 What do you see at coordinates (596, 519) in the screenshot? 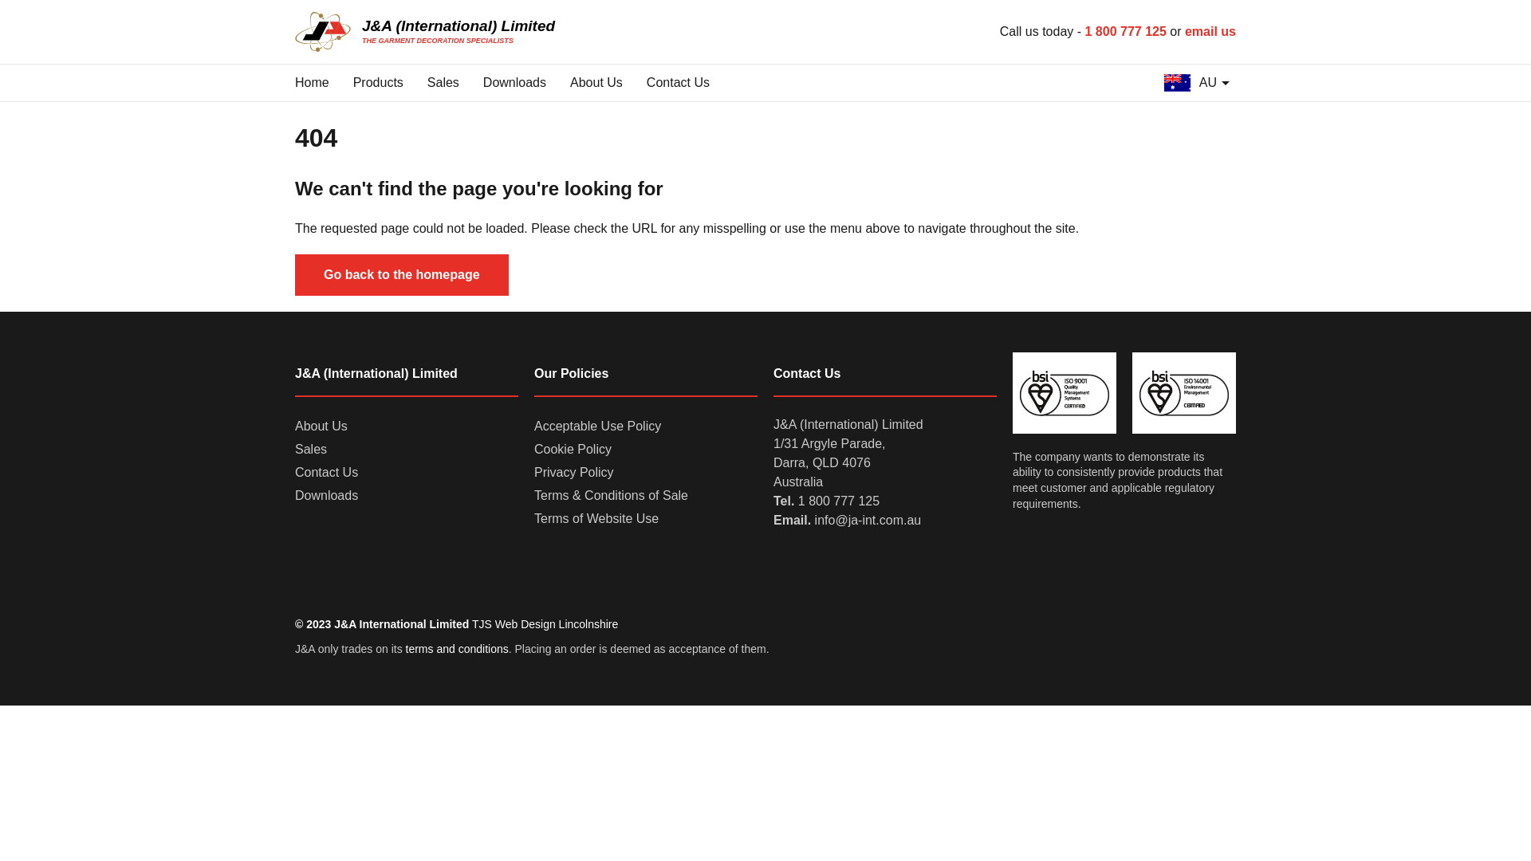
I see `'Terms of Website Use'` at bounding box center [596, 519].